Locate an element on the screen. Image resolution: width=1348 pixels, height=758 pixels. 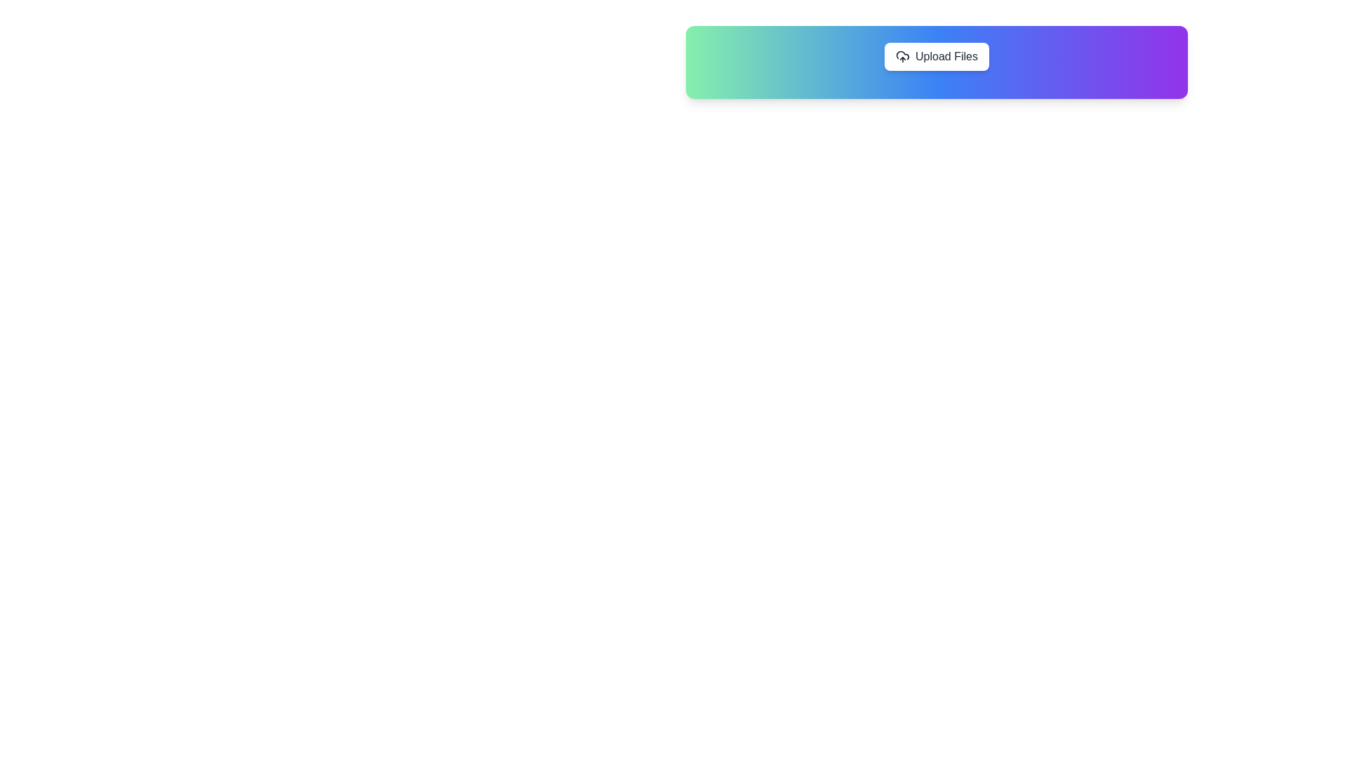
the upload icon located on the 'Upload Files' button, which is positioned in the top center area of the interface and visually indicates the file upload functionality is located at coordinates (903, 56).